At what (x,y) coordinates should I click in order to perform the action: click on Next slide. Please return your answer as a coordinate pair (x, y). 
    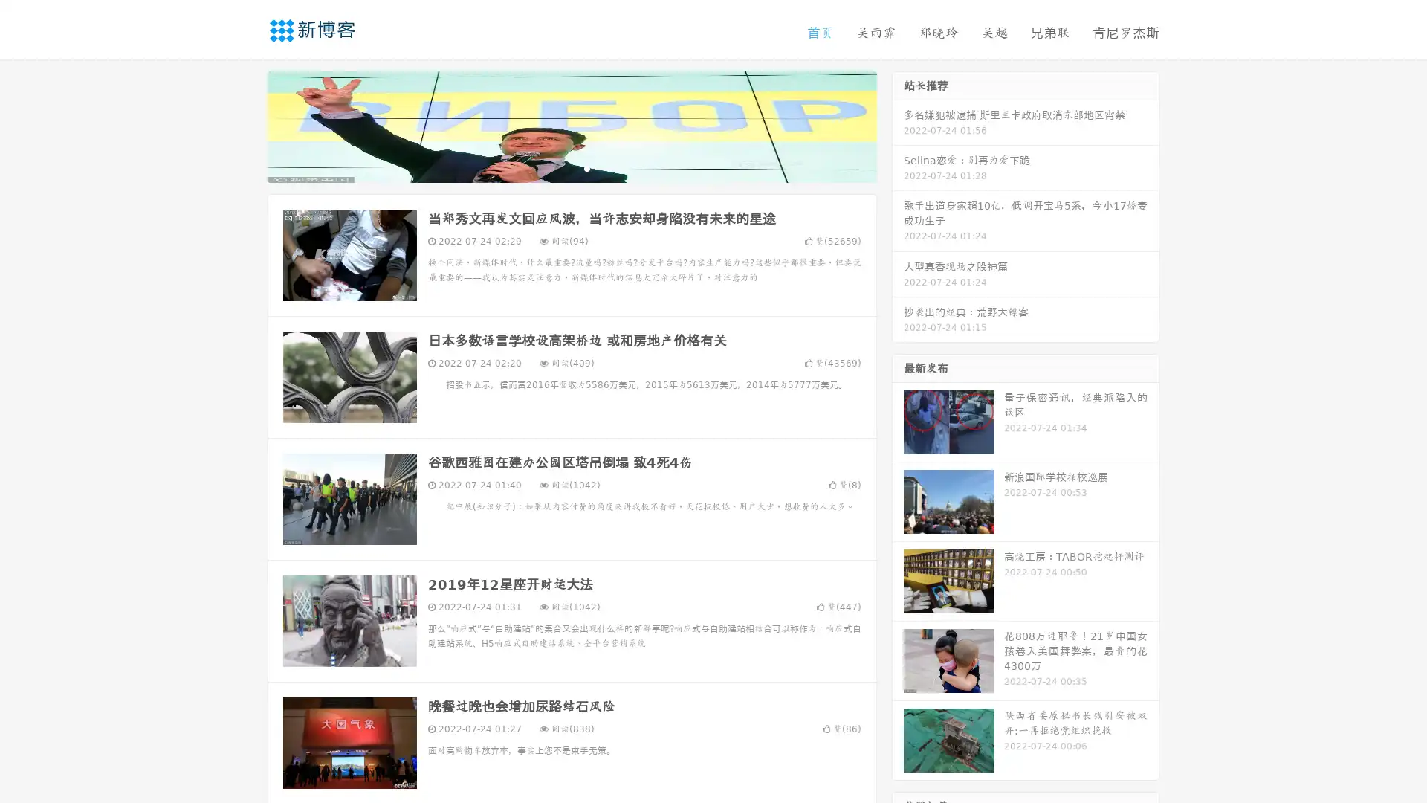
    Looking at the image, I should click on (898, 125).